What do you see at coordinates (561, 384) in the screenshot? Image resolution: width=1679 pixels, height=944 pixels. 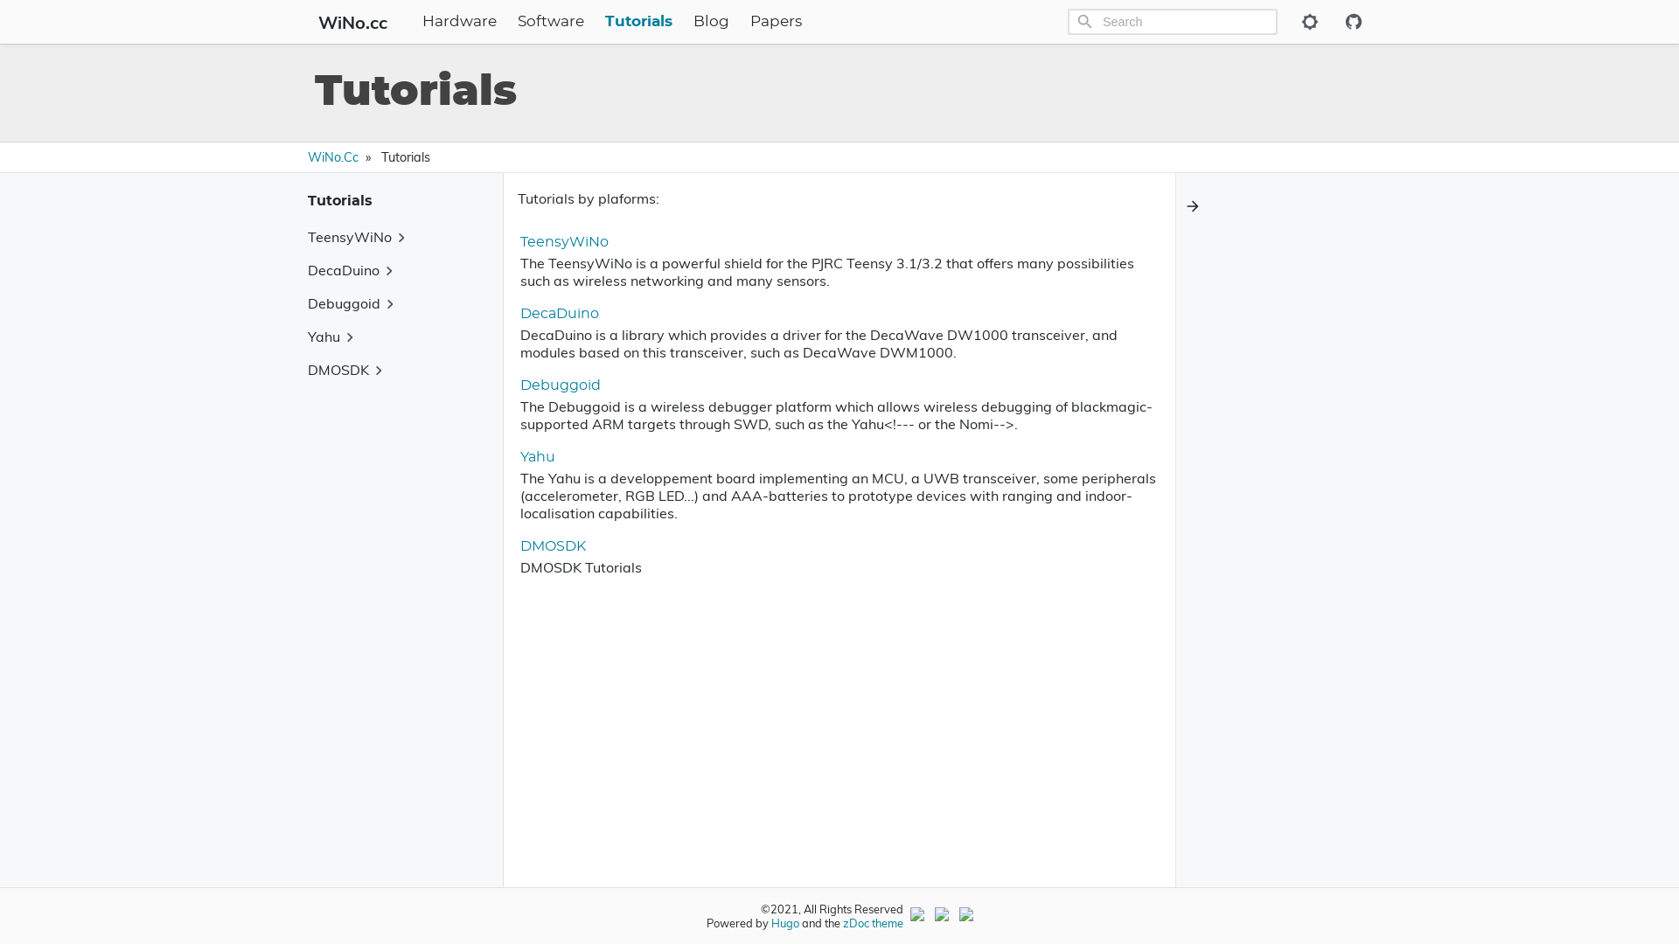 I see `'Debuggoid'` at bounding box center [561, 384].